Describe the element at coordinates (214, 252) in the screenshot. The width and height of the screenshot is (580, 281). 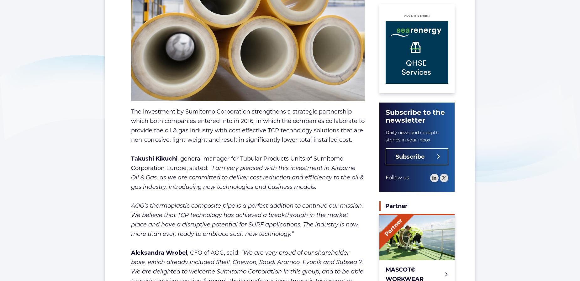
I see `', CFO of AOG, said:'` at that location.